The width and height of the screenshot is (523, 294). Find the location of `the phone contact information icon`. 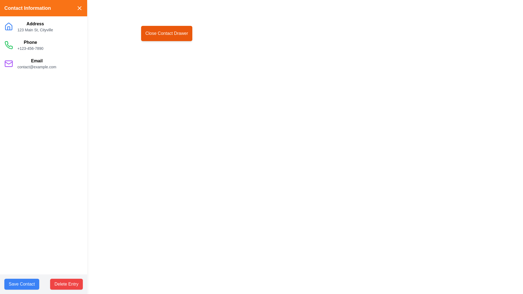

the phone contact information icon is located at coordinates (9, 45).